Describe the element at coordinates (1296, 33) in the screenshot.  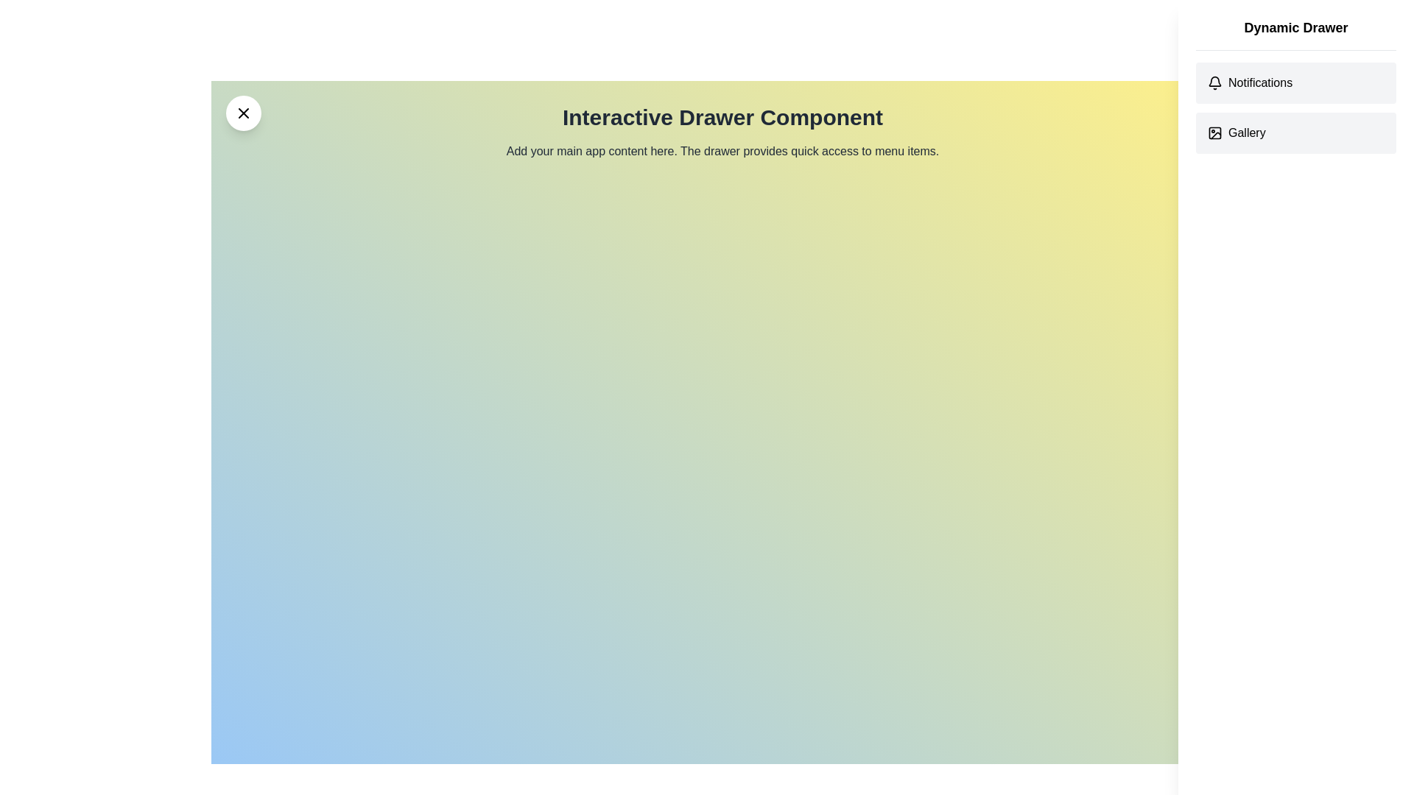
I see `the bold, black text header reading 'Dynamic Drawer' located at the top-right section of the drawer interface` at that location.